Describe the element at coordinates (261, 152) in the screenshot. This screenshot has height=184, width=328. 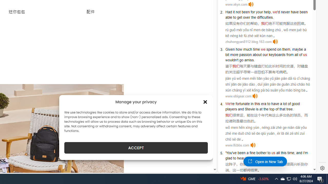
I see `'bother'` at that location.